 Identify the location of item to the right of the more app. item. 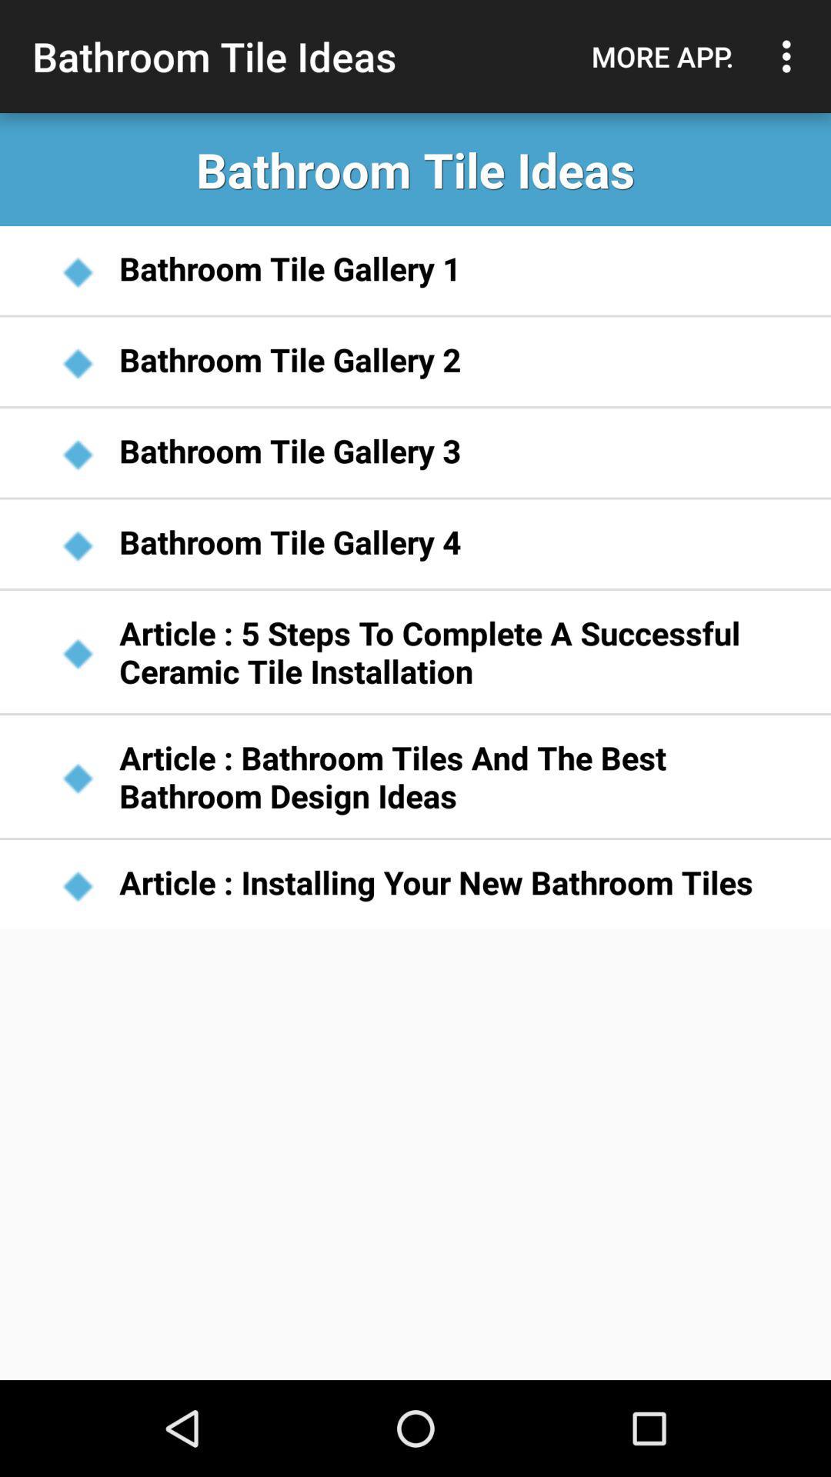
(790, 56).